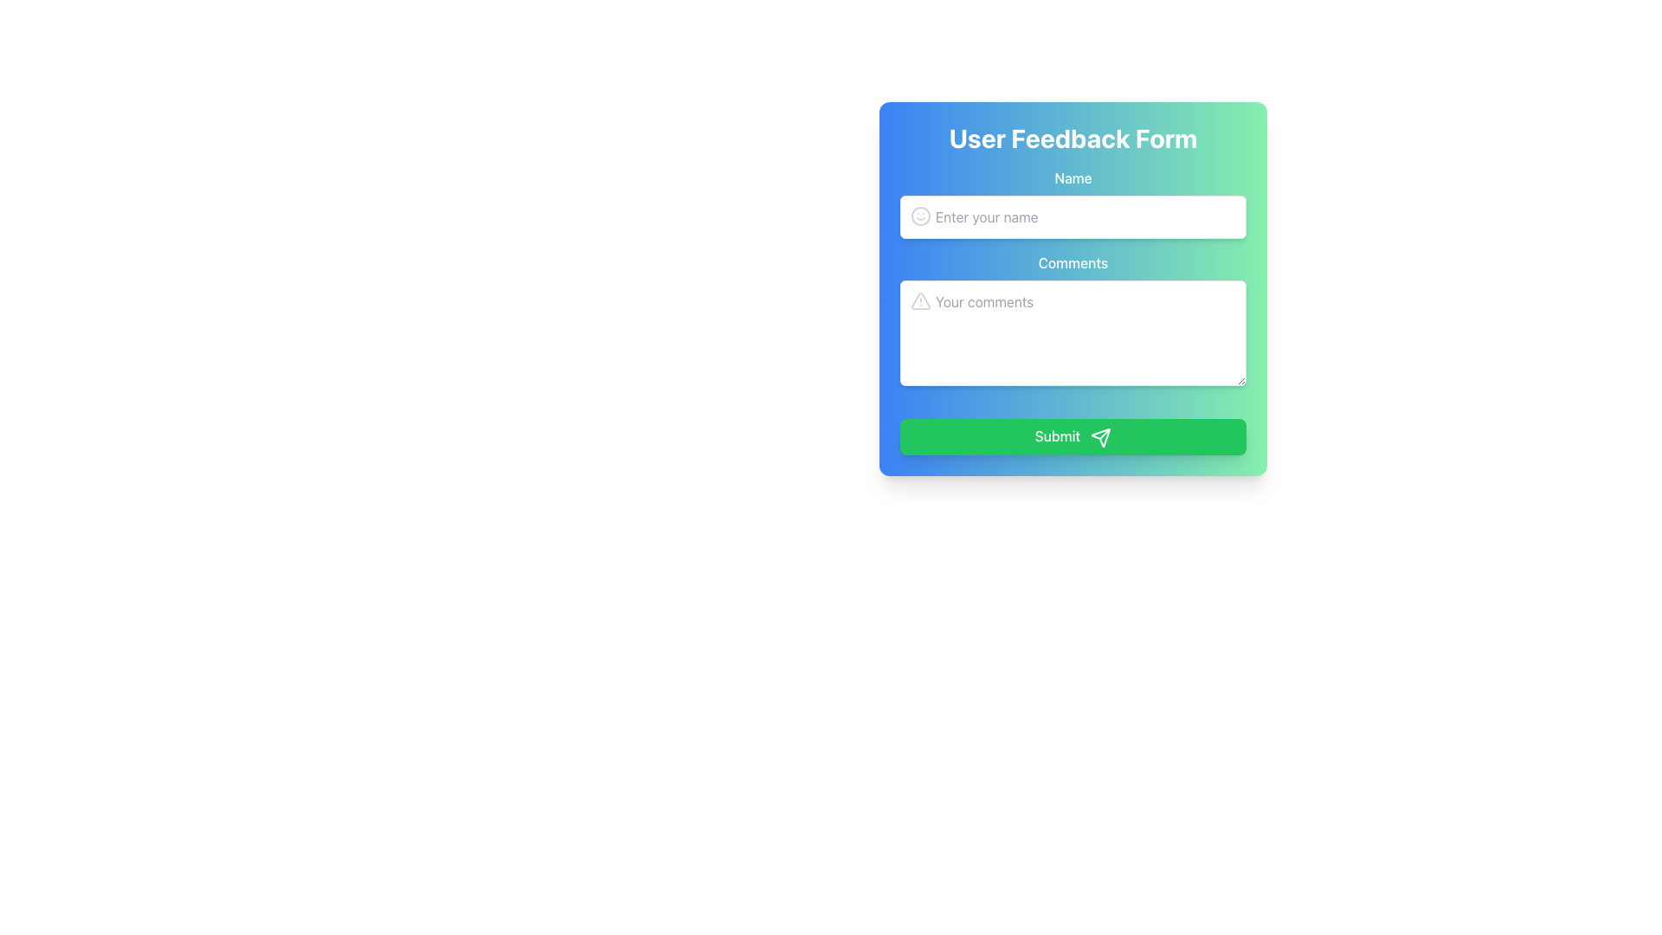  Describe the element at coordinates (920, 216) in the screenshot. I see `the small outlined smiley icon located inside the left part of the 'Name' input field` at that location.